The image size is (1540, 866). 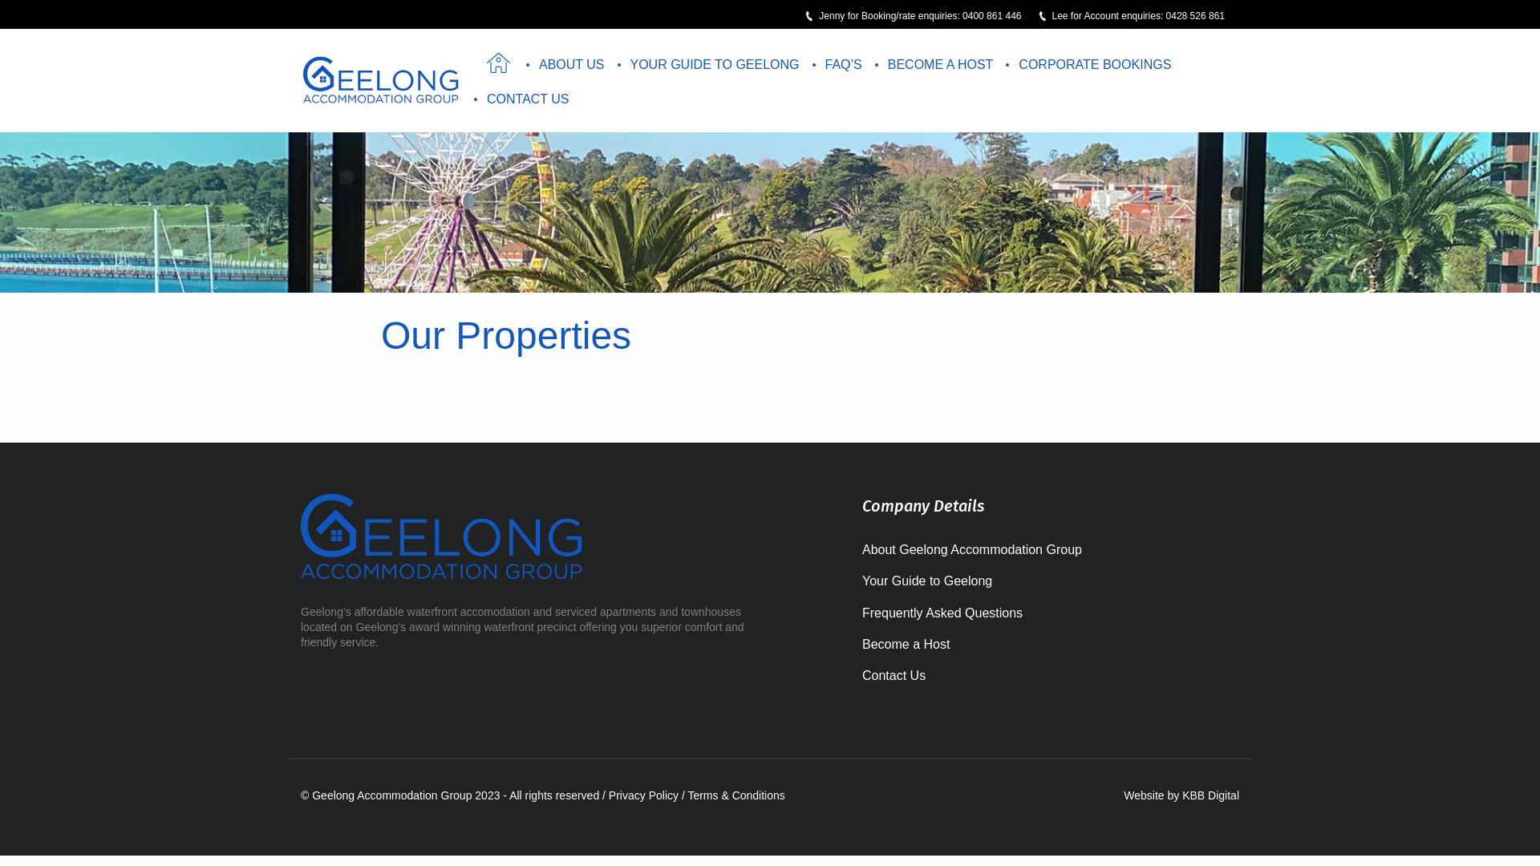 What do you see at coordinates (528, 99) in the screenshot?
I see `'CONTACT US'` at bounding box center [528, 99].